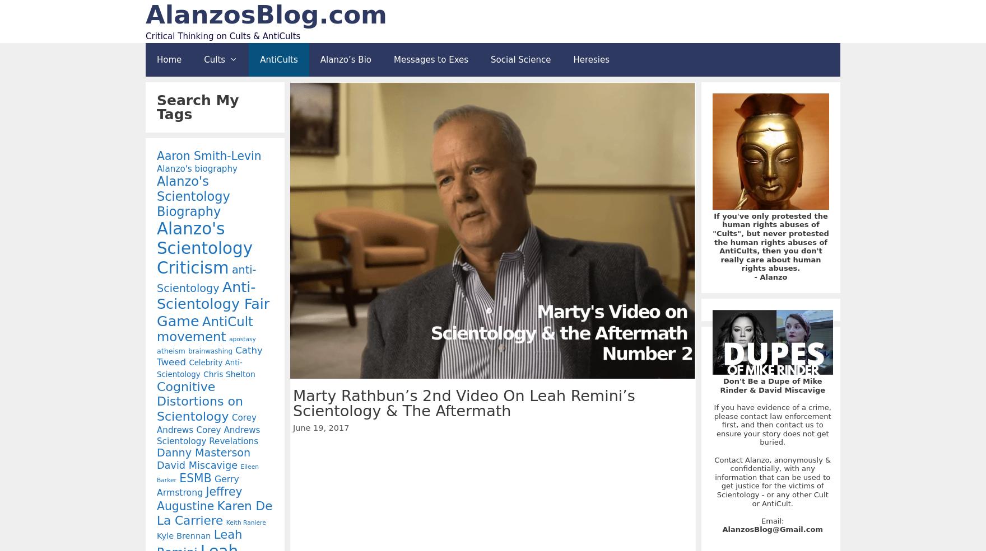 The width and height of the screenshot is (986, 551). What do you see at coordinates (197, 168) in the screenshot?
I see `'Alanzo's biography'` at bounding box center [197, 168].